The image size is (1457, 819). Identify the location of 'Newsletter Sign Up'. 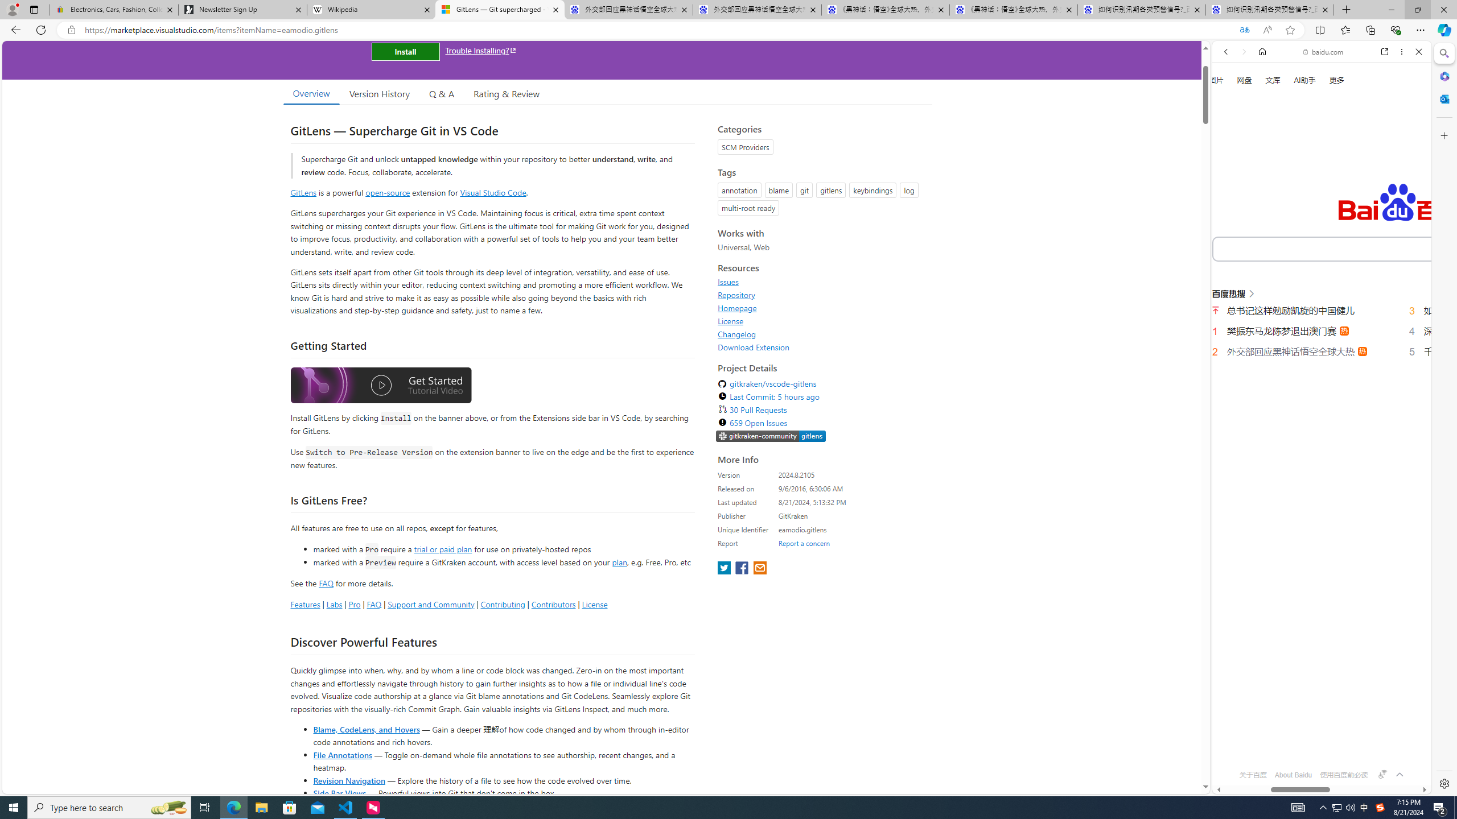
(242, 9).